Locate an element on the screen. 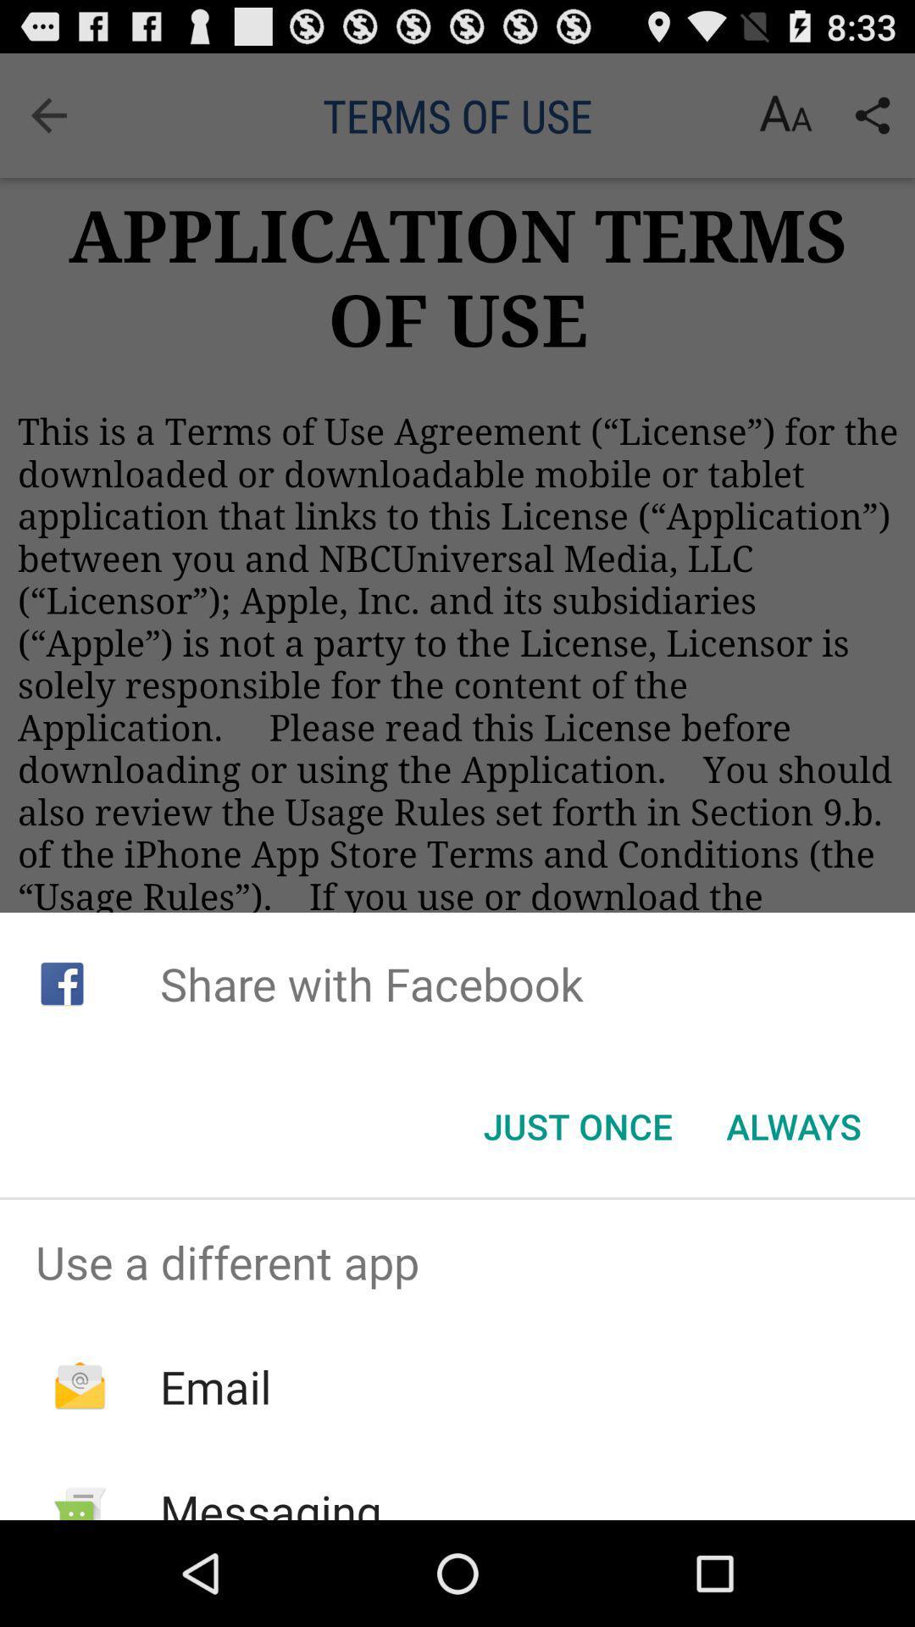 This screenshot has width=915, height=1627. messaging is located at coordinates (269, 1500).